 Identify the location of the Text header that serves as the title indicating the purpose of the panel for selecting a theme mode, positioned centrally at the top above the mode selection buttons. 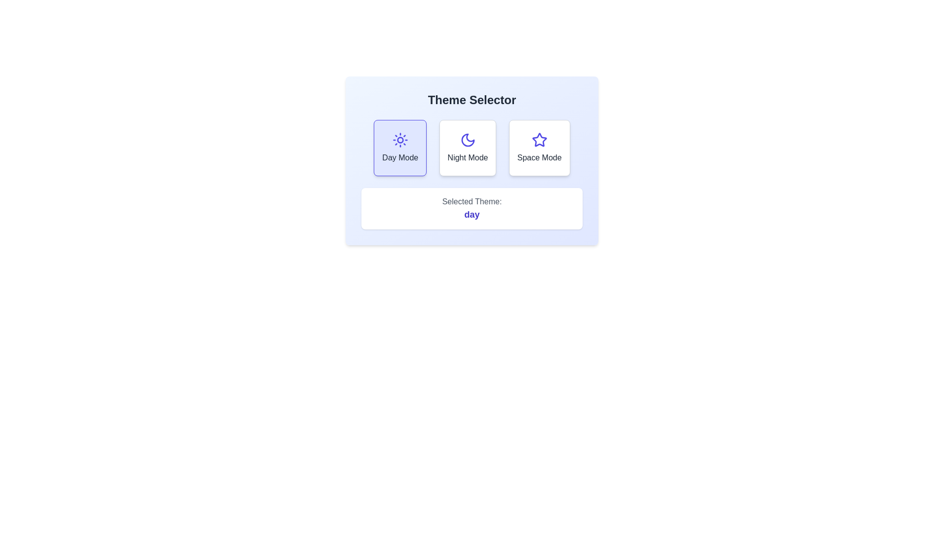
(471, 100).